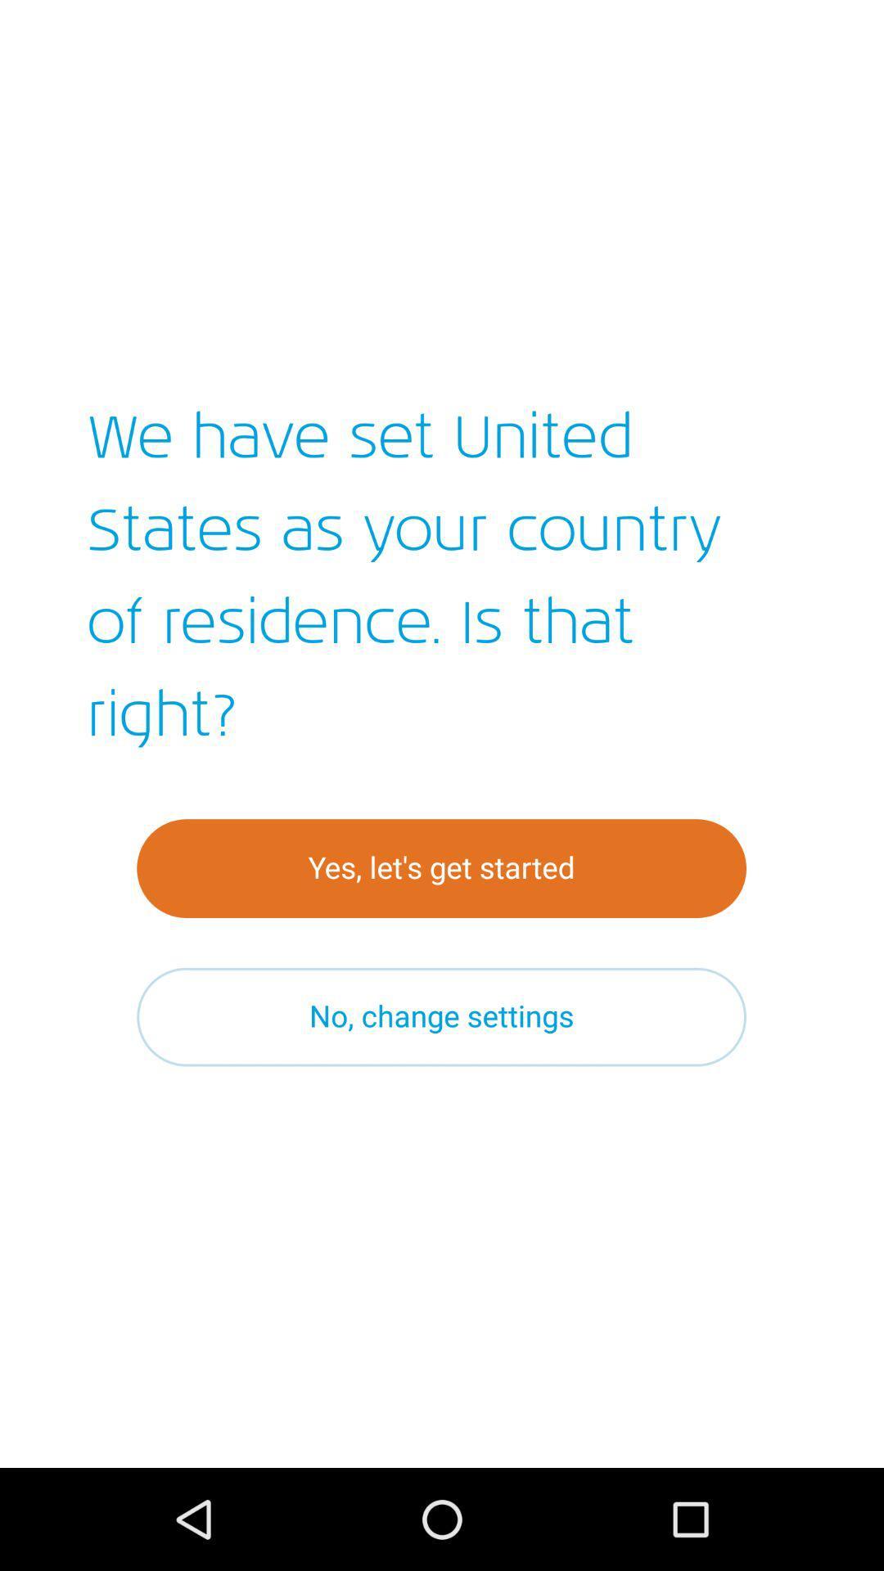 The width and height of the screenshot is (884, 1571). I want to click on the no, change settings, so click(440, 1016).